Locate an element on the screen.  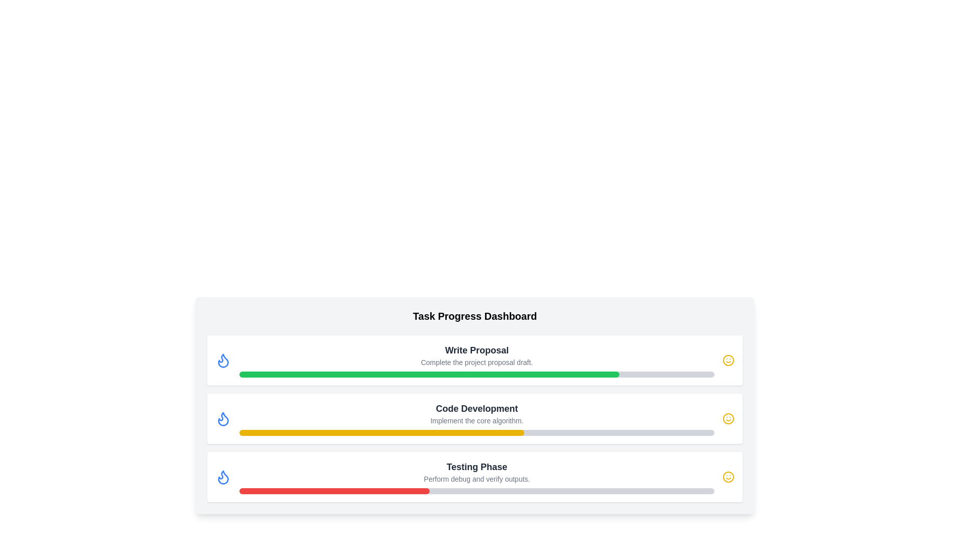
the text label 'Testing Phase' which is styled with a bold and larger font size, positioned above the description text and progress bar components in the list of progress tasks is located at coordinates (476, 467).